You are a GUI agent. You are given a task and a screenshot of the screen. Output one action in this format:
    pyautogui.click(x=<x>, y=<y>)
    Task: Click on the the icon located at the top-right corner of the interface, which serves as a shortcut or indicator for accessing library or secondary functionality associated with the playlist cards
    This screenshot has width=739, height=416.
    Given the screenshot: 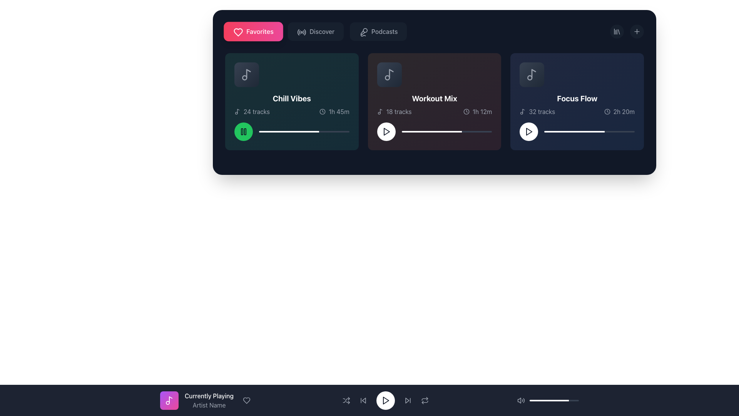 What is the action you would take?
    pyautogui.click(x=617, y=31)
    